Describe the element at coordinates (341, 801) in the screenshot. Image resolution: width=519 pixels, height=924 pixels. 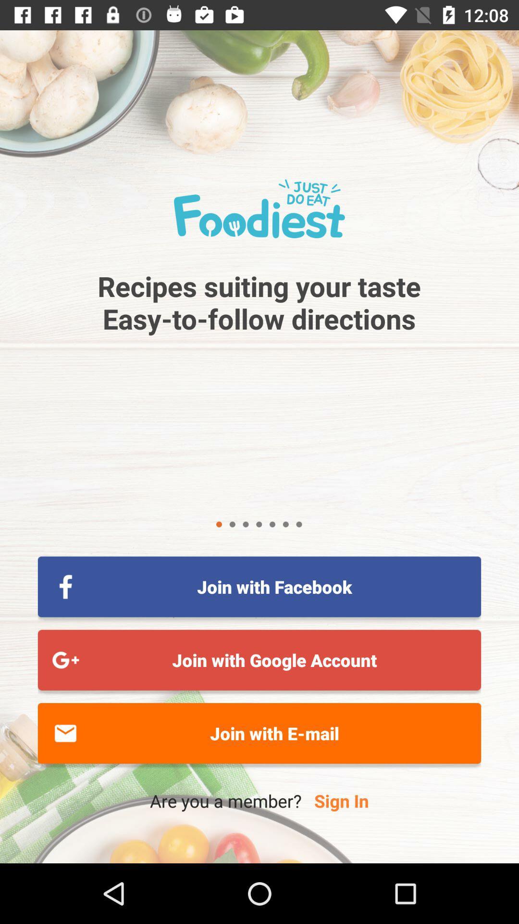
I see `the sign in item` at that location.